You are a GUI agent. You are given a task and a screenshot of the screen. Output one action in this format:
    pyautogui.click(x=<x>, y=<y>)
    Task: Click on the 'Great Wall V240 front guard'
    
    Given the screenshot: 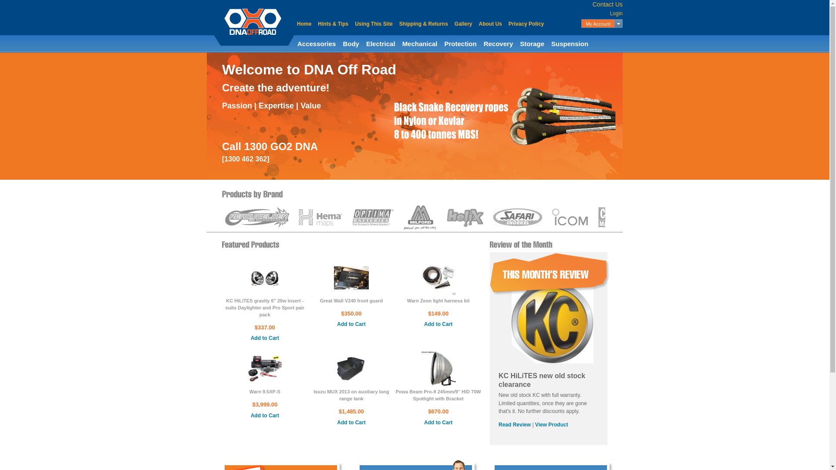 What is the action you would take?
    pyautogui.click(x=351, y=300)
    